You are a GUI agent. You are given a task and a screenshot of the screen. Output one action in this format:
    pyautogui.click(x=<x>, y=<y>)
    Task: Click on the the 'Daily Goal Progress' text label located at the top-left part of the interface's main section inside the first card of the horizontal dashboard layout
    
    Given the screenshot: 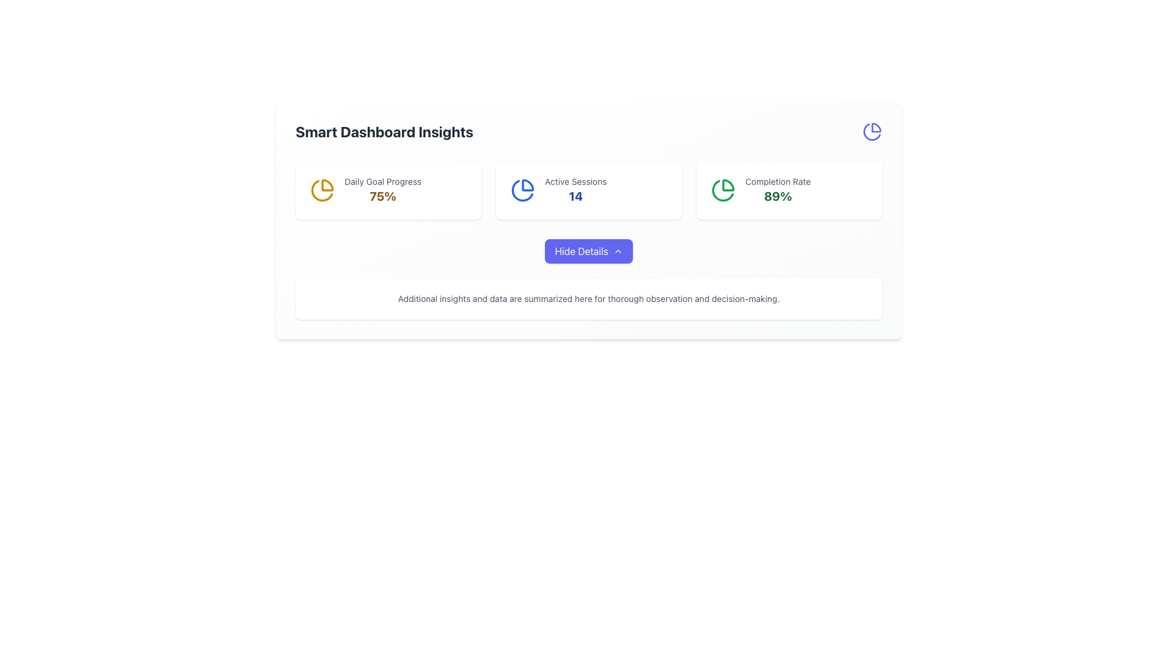 What is the action you would take?
    pyautogui.click(x=382, y=181)
    